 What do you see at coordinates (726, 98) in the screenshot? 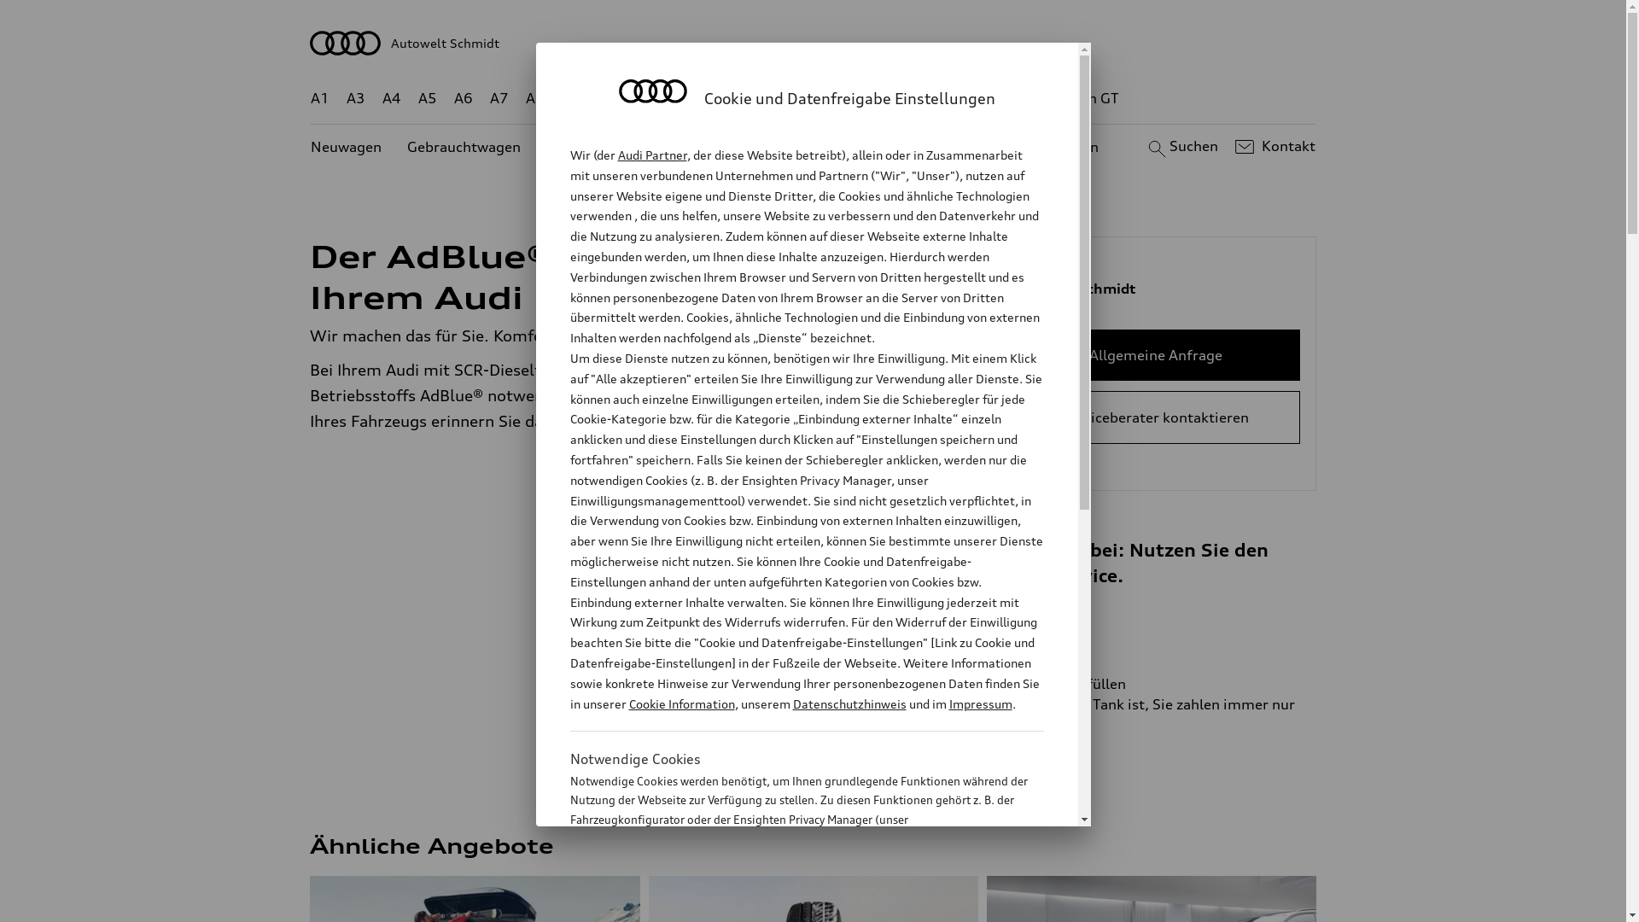
I see `'Q5'` at bounding box center [726, 98].